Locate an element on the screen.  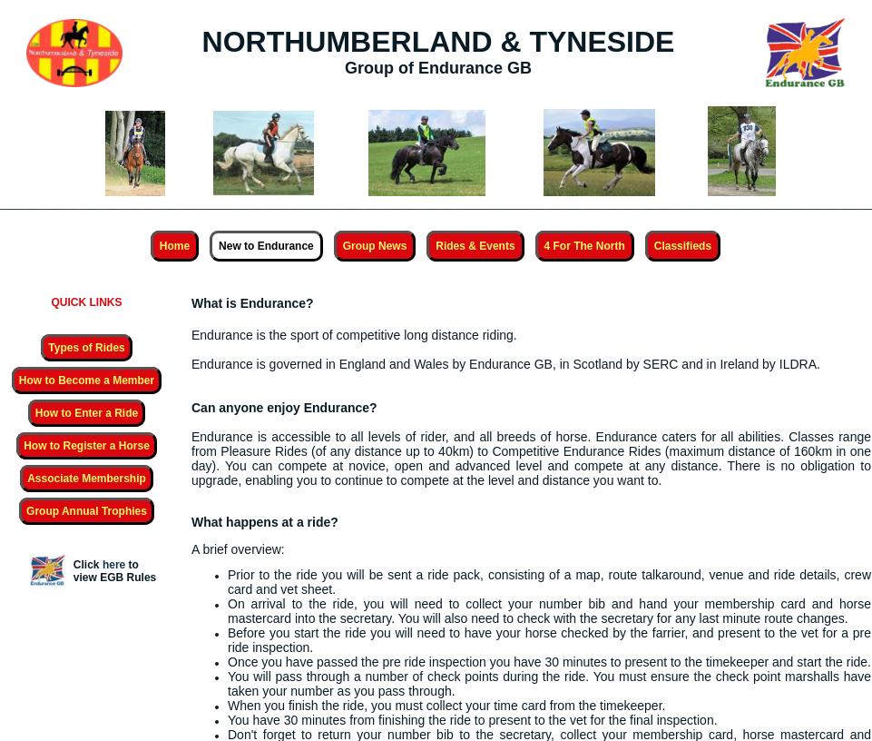
'How to Become a Member' is located at coordinates (86, 380).